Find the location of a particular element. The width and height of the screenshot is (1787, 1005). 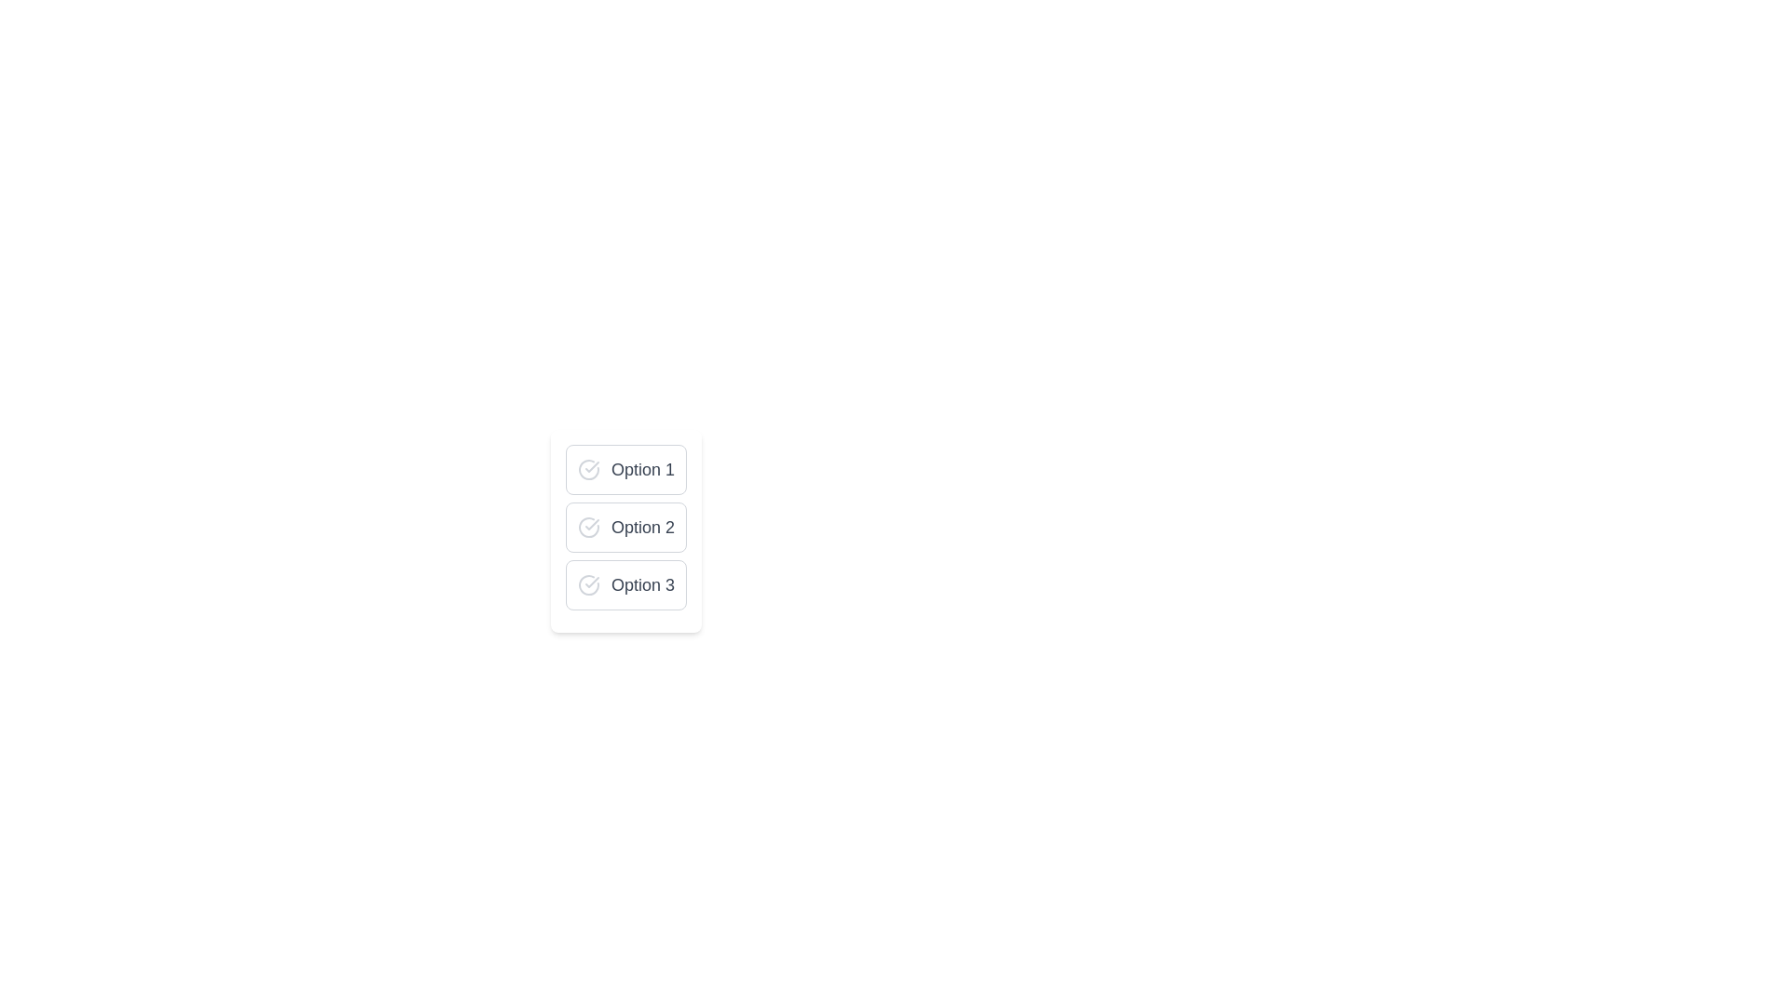

the text label displaying 'Option 1' is located at coordinates (643, 469).